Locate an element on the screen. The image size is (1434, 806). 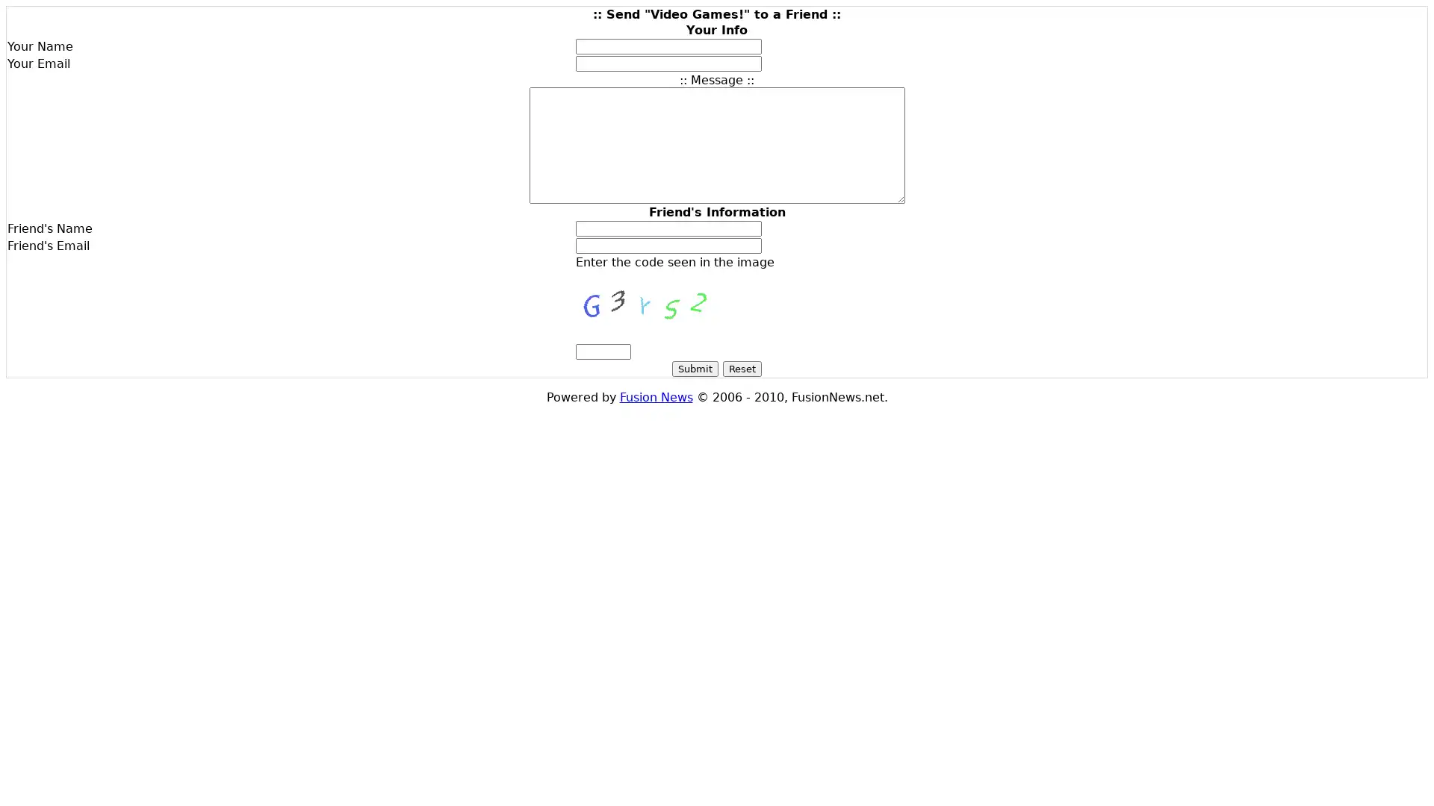
Reset is located at coordinates (742, 369).